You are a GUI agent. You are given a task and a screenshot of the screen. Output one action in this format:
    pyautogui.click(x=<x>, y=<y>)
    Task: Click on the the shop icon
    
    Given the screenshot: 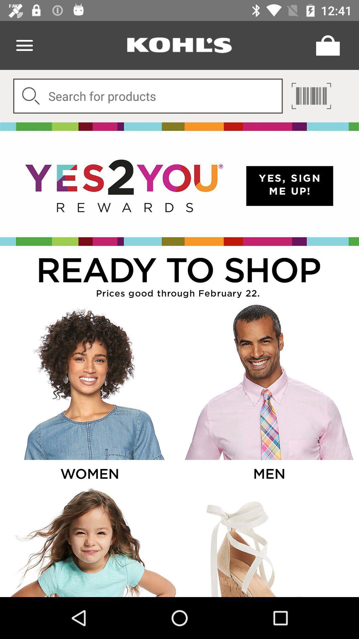 What is the action you would take?
    pyautogui.click(x=326, y=45)
    